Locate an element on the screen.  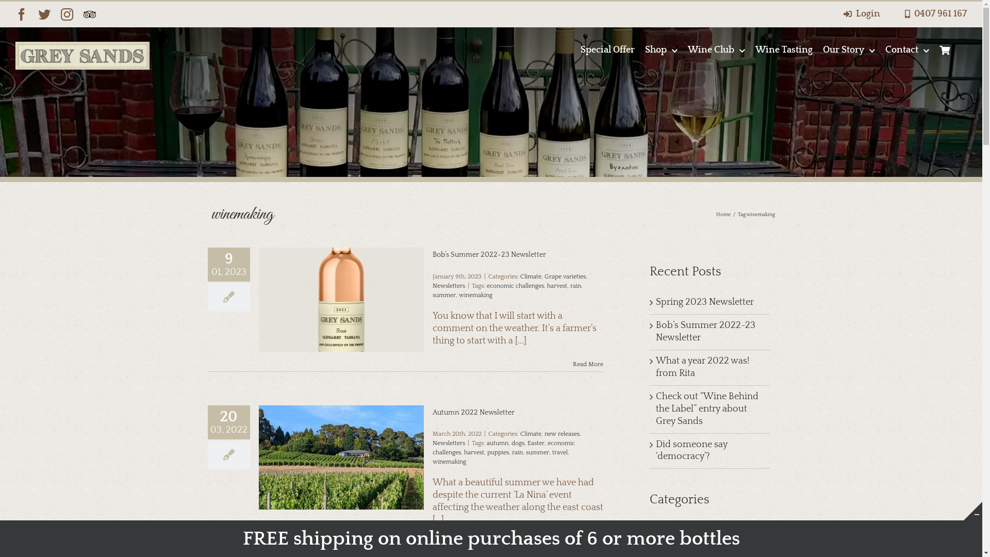
'Accolades' is located at coordinates (709, 531).